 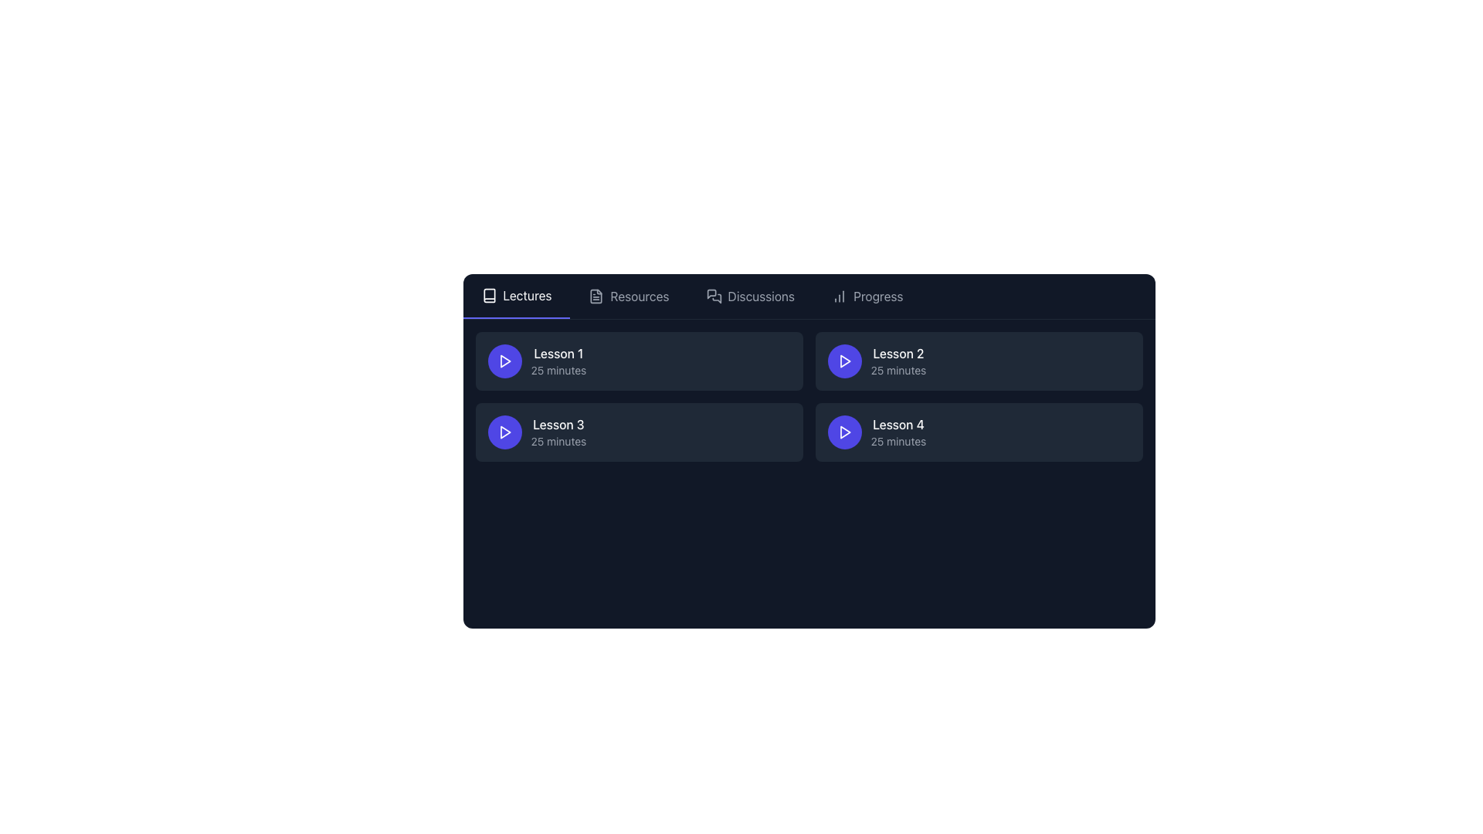 I want to click on the SVG representation of a book icon located at the start of the 'Lectures' navigation tab to aid user navigation, so click(x=488, y=295).